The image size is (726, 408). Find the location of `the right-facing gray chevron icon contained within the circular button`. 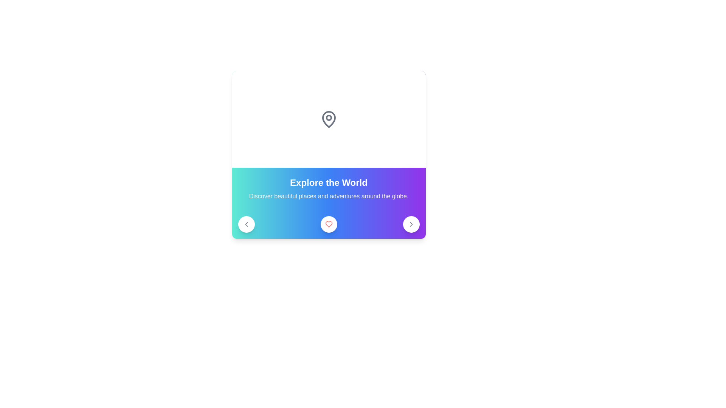

the right-facing gray chevron icon contained within the circular button is located at coordinates (411, 224).